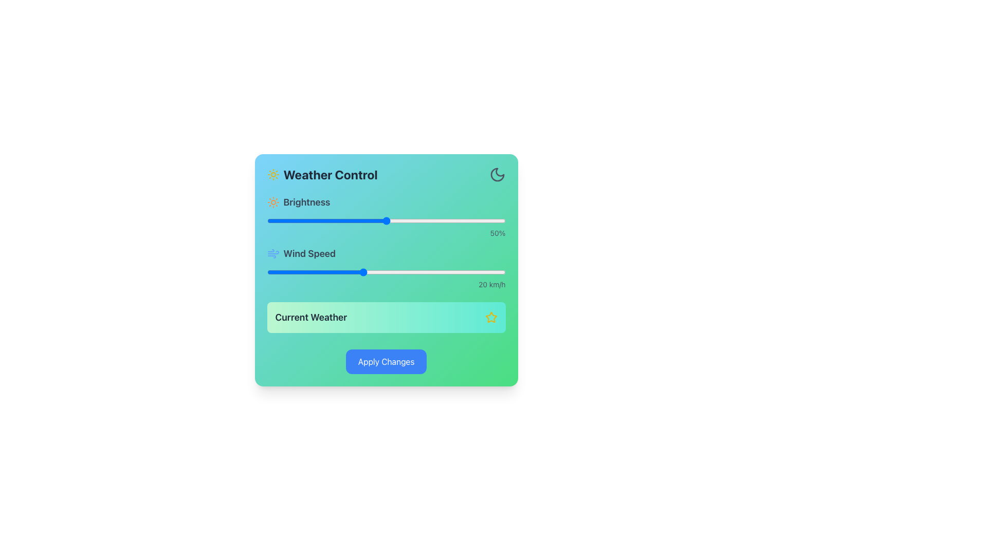 The image size is (987, 555). What do you see at coordinates (386, 285) in the screenshot?
I see `value displayed on the label that shows '20 km/h', which is located at the bottom-right corner of the slider labeled 'Wind Speed'` at bounding box center [386, 285].